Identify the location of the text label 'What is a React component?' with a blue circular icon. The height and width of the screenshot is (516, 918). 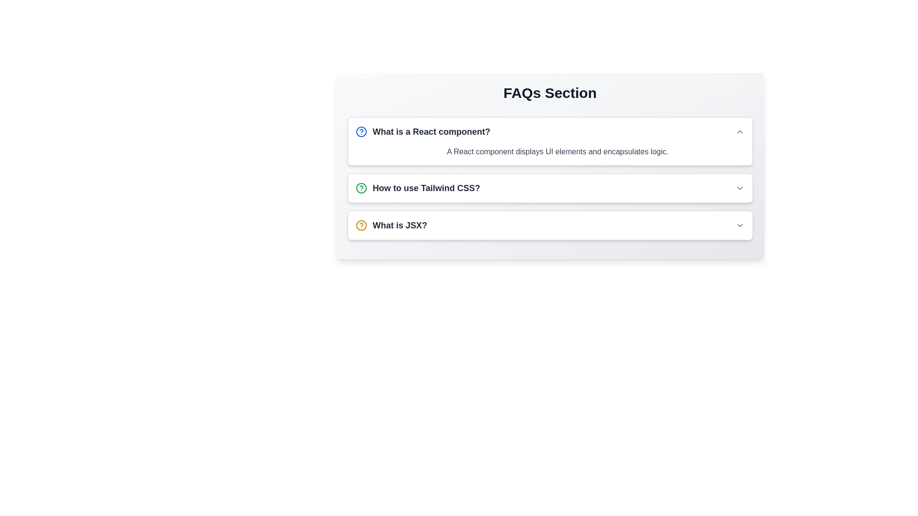
(422, 132).